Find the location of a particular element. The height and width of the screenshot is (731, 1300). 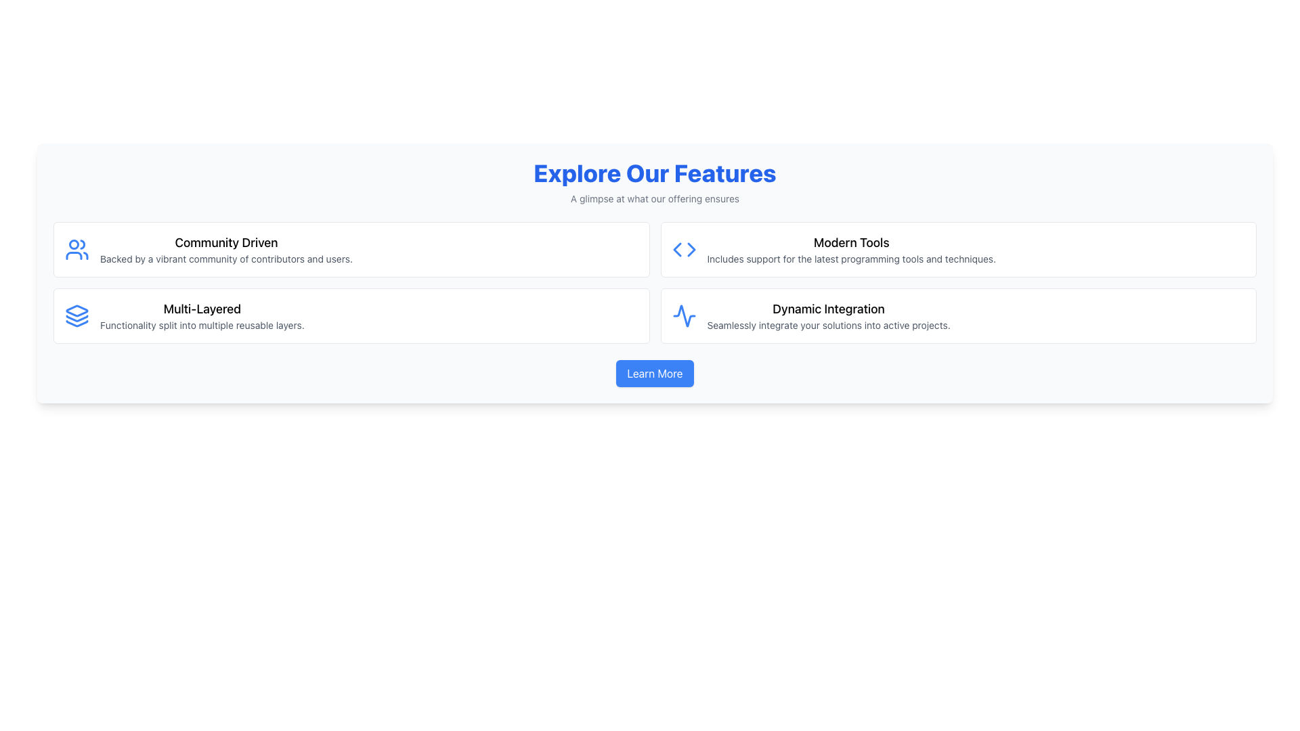

the text label that reads 'Includes support for the latest programming tools and techniques.' located below 'Modern Tools' in the top-right card of the grid layout is located at coordinates (850, 259).